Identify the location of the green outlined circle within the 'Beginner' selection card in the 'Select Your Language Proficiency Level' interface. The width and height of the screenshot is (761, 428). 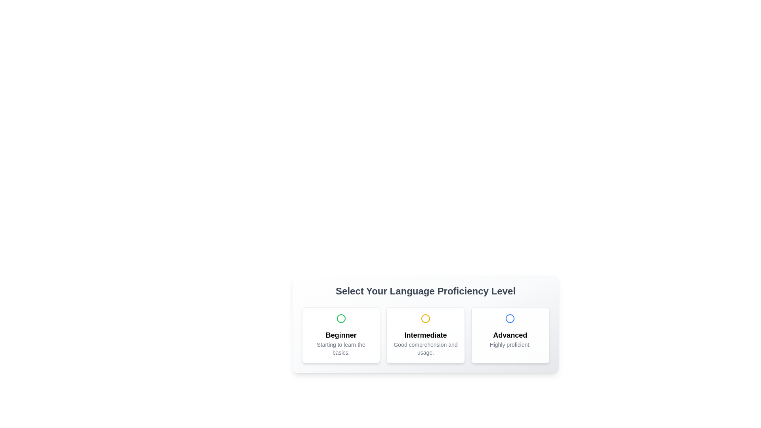
(341, 318).